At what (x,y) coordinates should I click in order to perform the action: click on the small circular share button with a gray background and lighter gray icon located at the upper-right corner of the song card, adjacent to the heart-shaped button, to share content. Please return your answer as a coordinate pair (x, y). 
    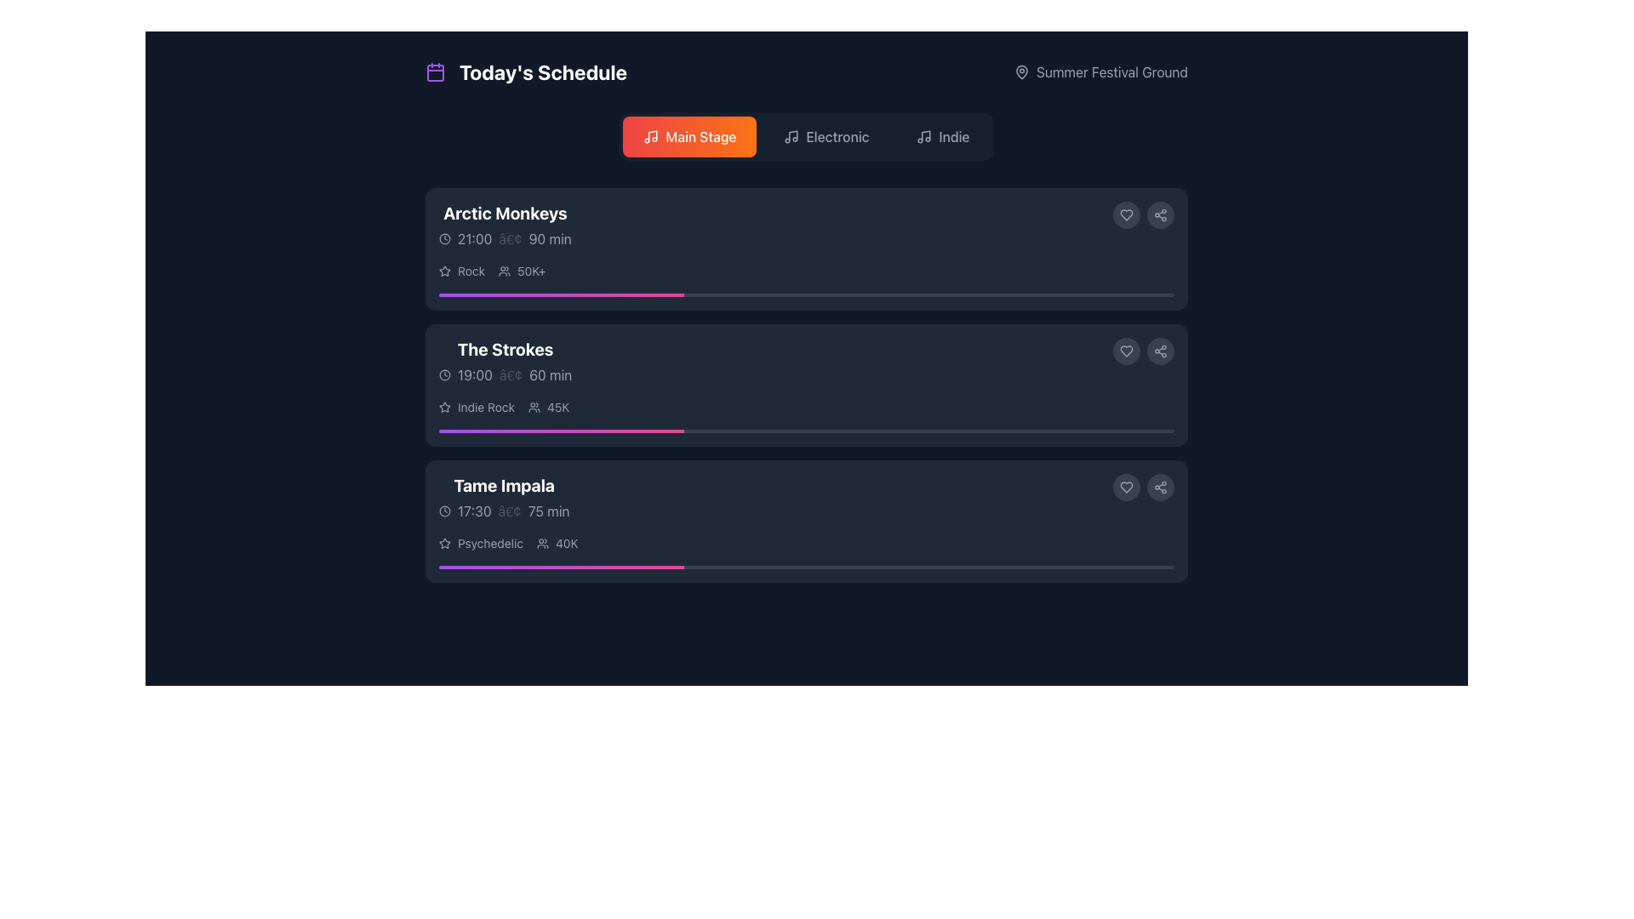
    Looking at the image, I should click on (1159, 350).